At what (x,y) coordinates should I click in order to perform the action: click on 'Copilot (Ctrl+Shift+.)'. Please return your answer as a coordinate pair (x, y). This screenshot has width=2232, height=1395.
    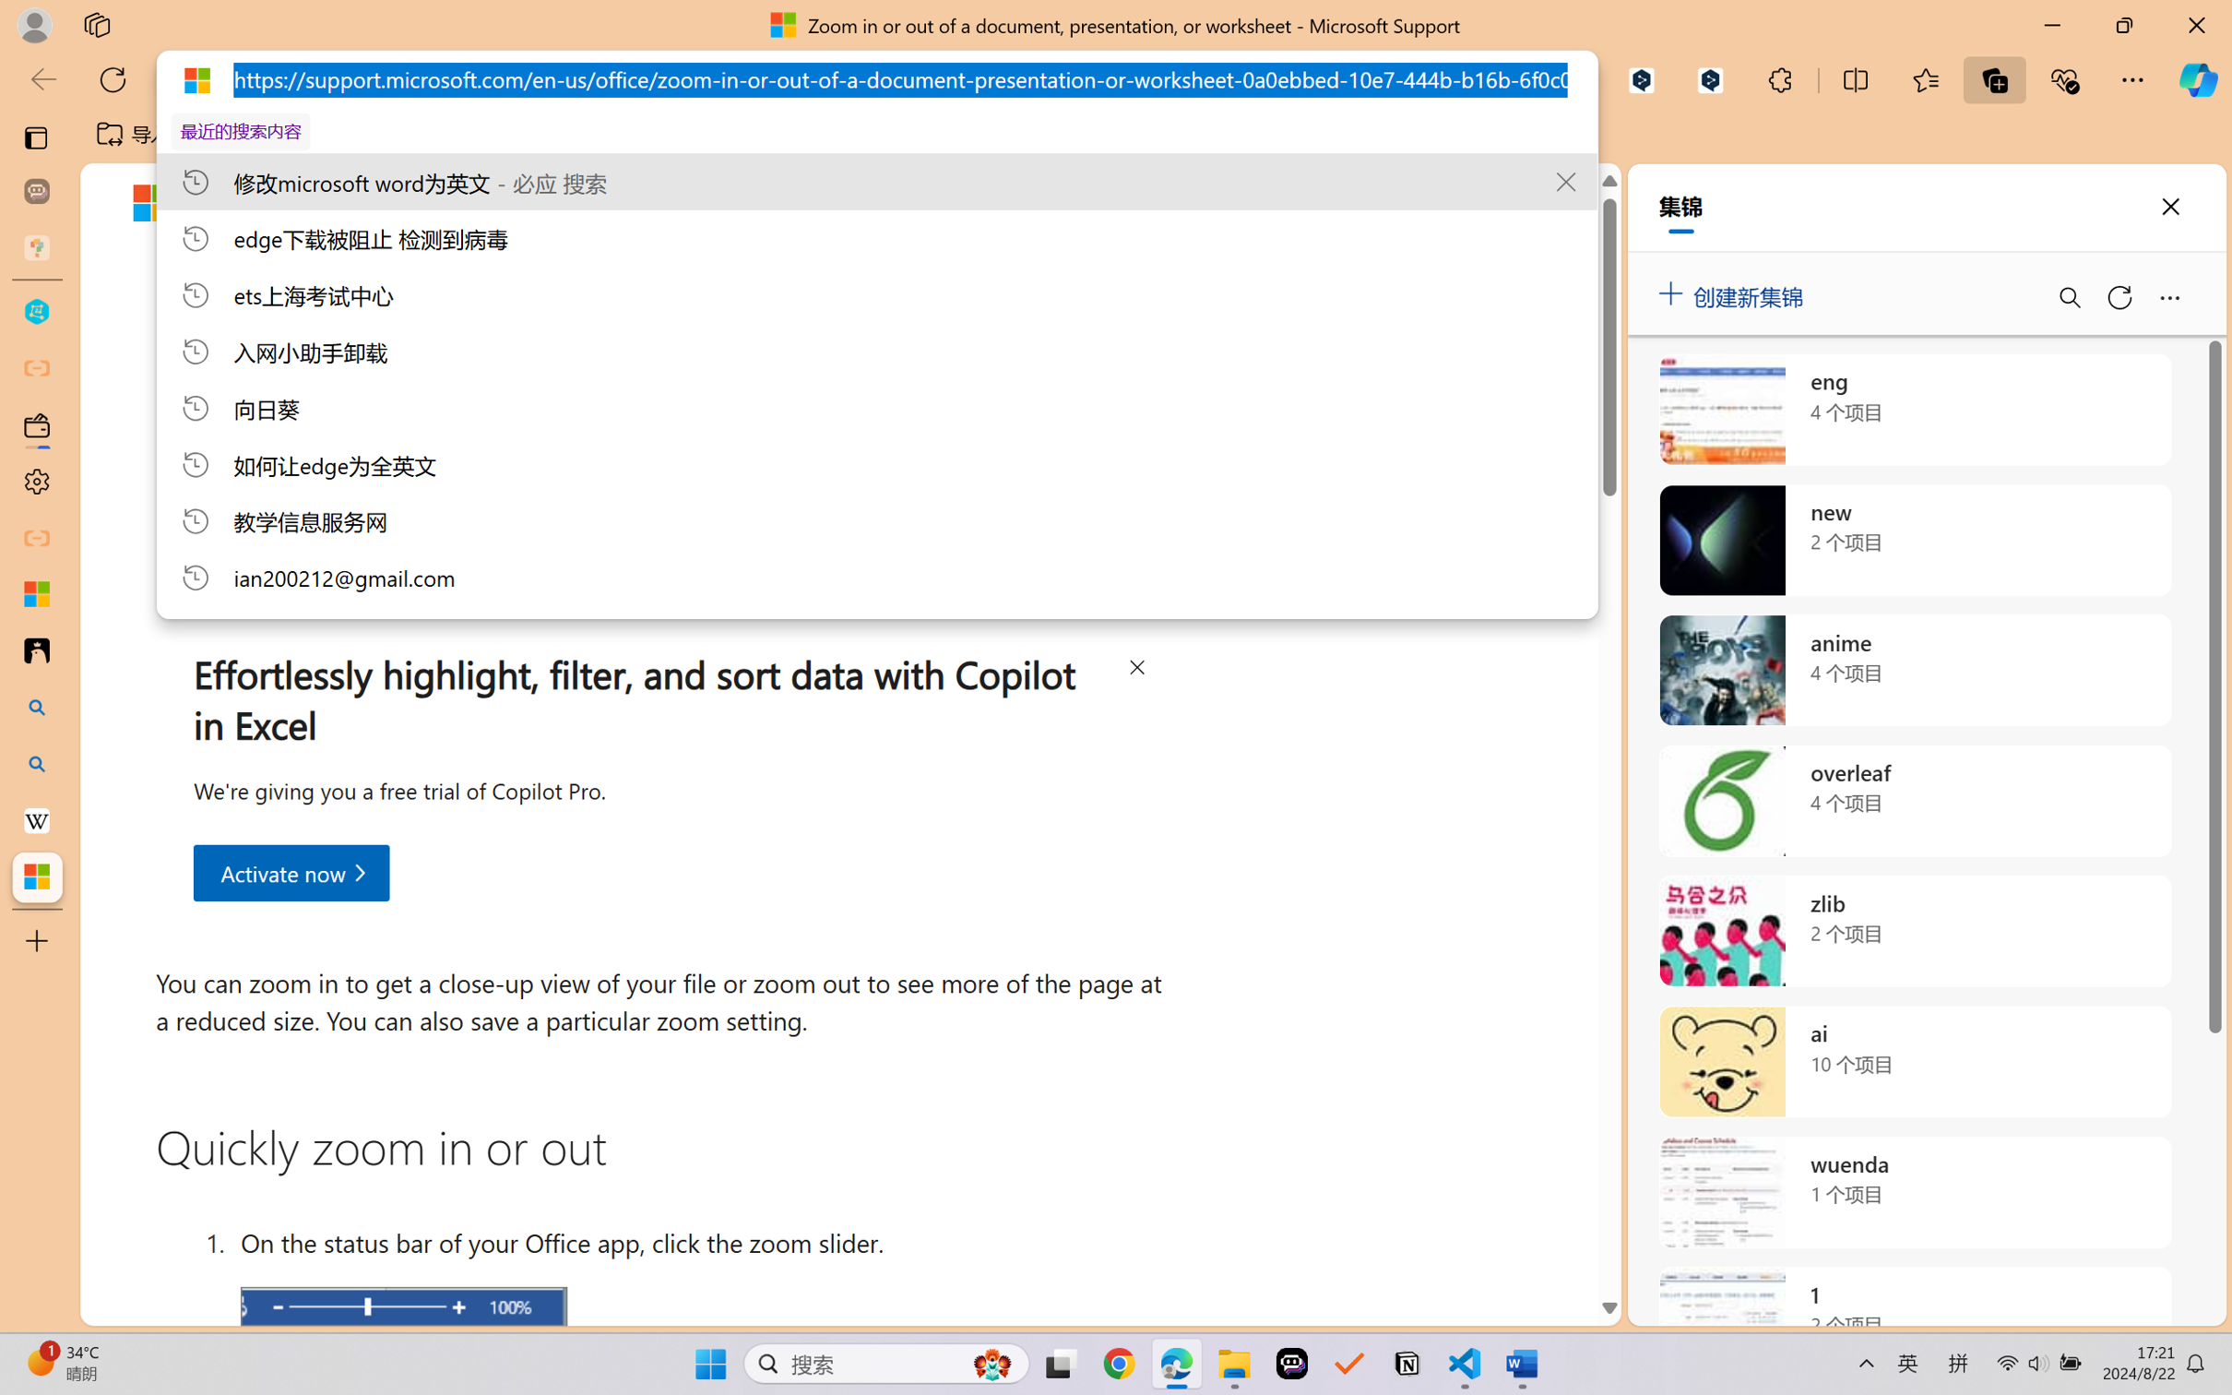
    Looking at the image, I should click on (2198, 79).